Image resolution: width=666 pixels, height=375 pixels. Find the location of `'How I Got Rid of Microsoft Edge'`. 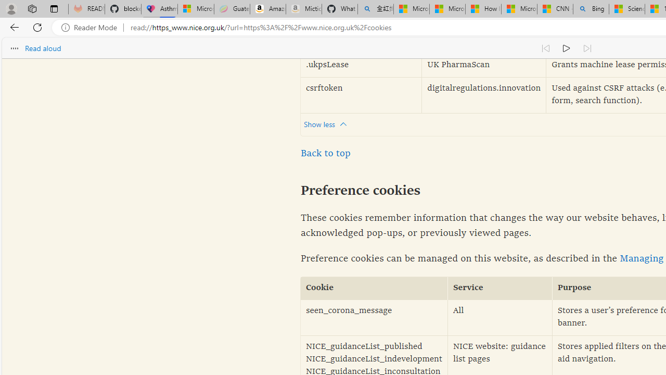

'How I Got Rid of Microsoft Edge' is located at coordinates (482, 9).